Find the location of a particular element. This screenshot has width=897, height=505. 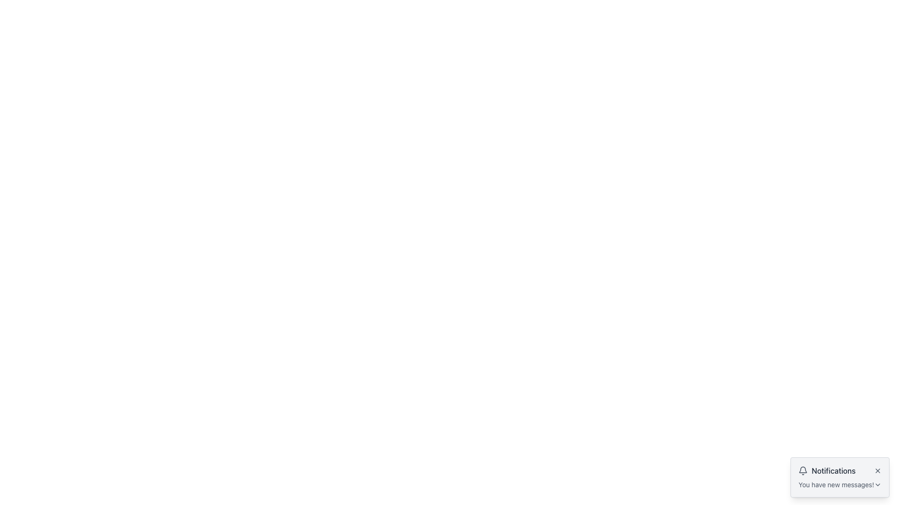

the dropdown icon associated with the 'Notifications' text is located at coordinates (840, 484).